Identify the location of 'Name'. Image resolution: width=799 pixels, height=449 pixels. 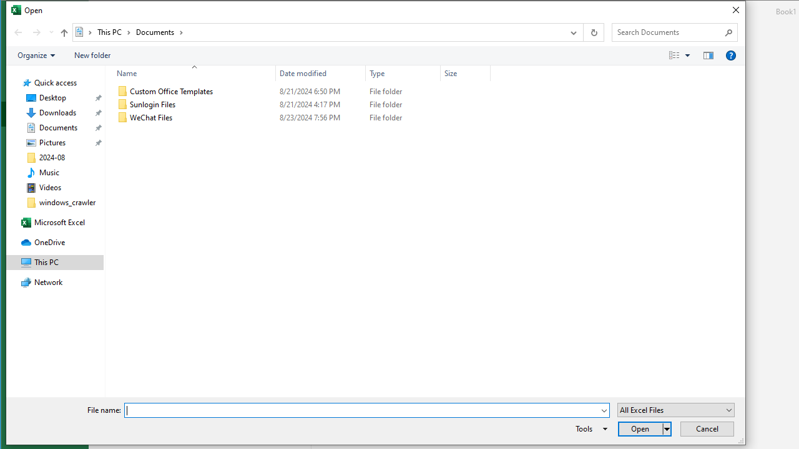
(190, 73).